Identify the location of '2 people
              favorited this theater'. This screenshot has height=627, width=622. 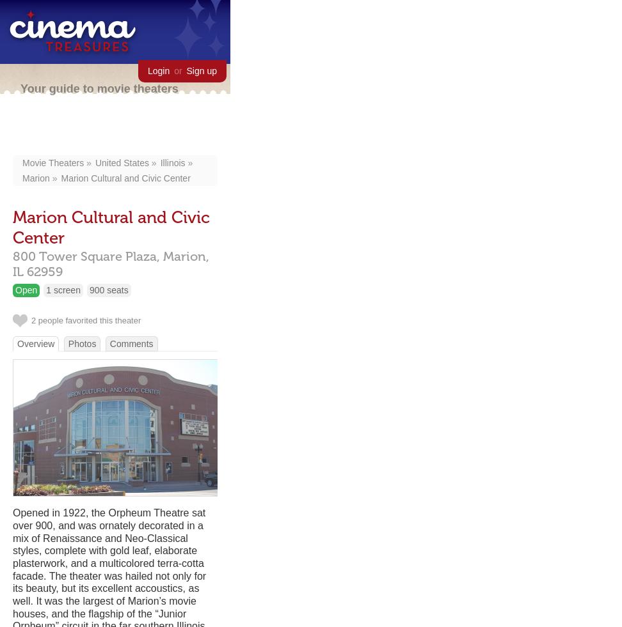
(86, 320).